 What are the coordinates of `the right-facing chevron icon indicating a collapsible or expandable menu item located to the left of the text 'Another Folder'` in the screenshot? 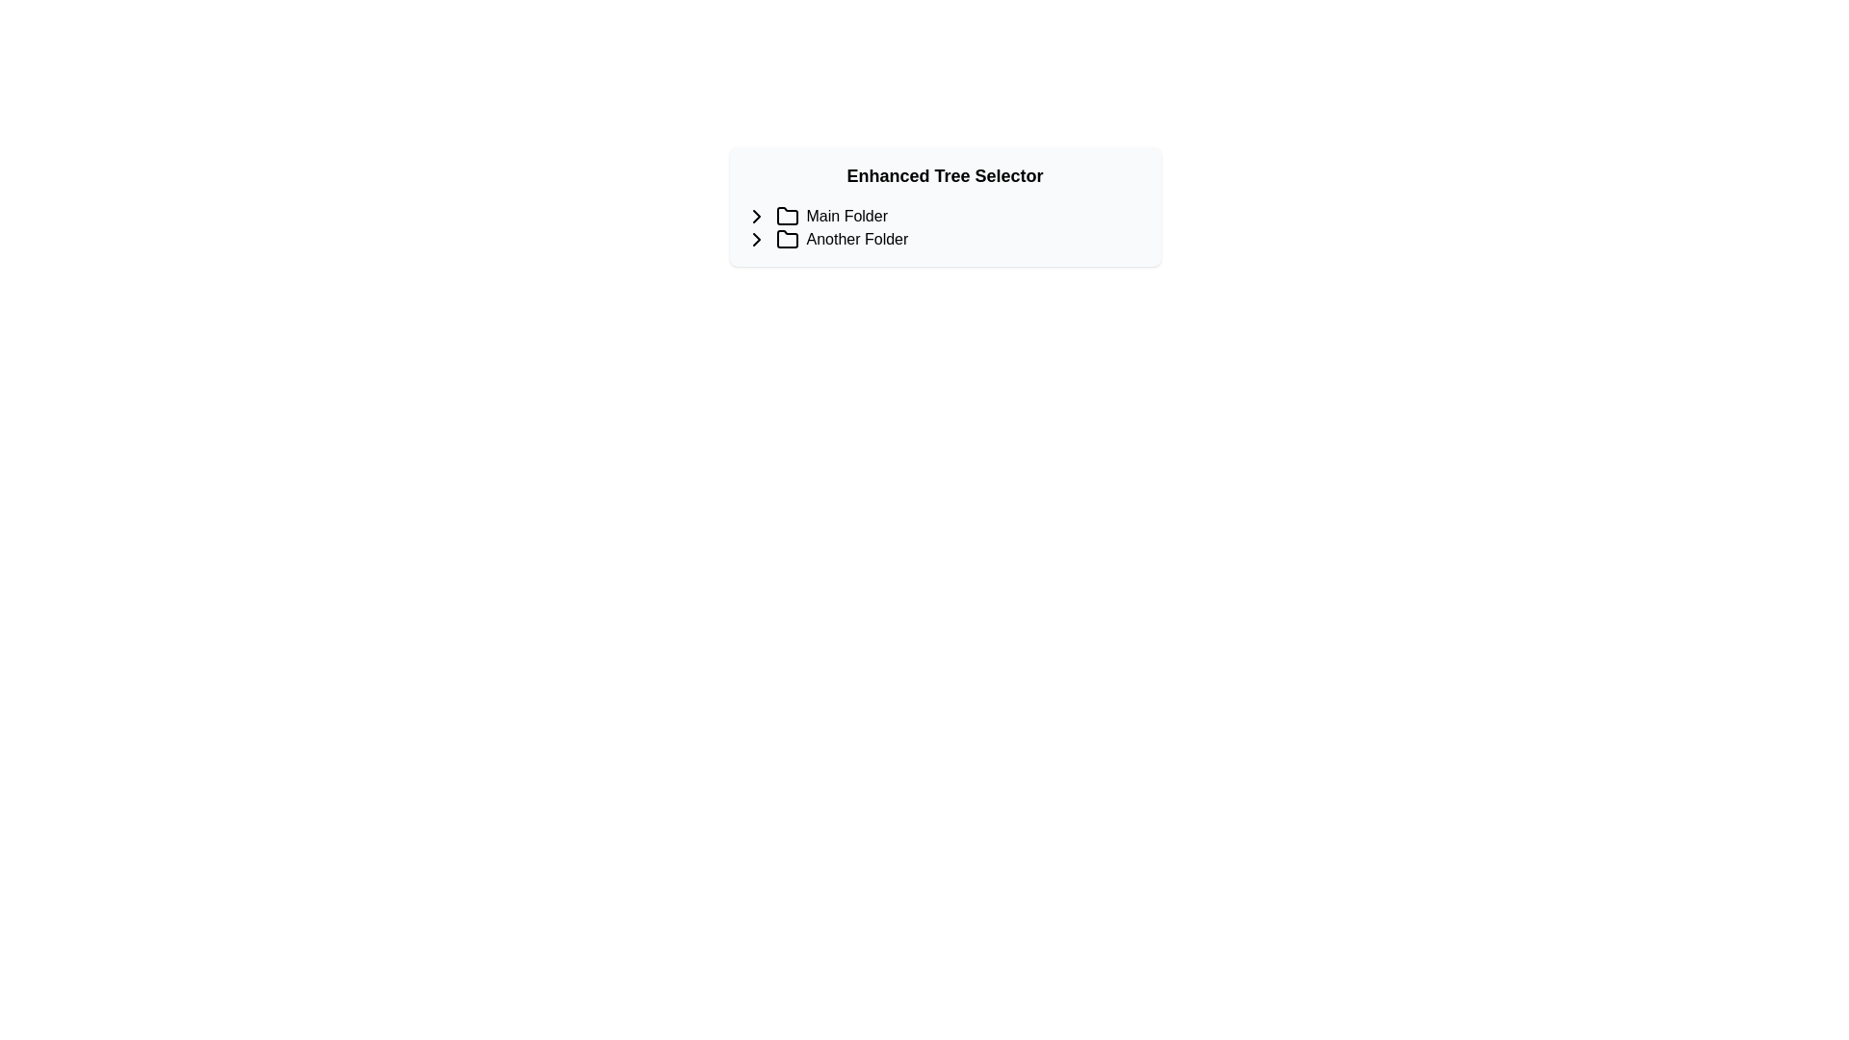 It's located at (755, 216).